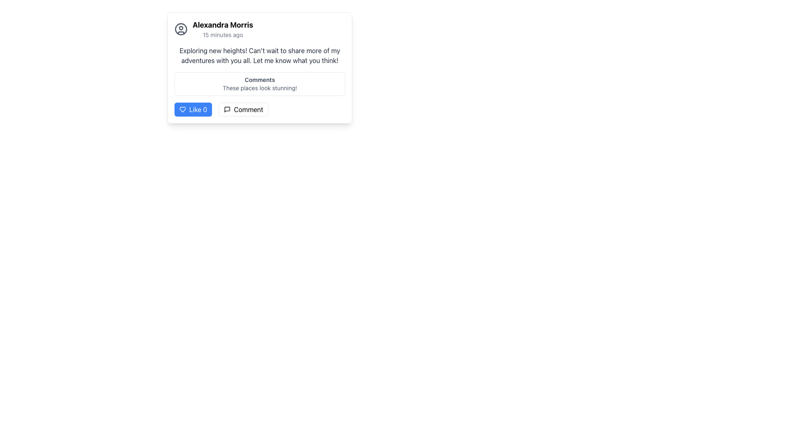  What do you see at coordinates (248, 109) in the screenshot?
I see `the 'Comment' text label within the button located at the bottom-right of the comment post box` at bounding box center [248, 109].